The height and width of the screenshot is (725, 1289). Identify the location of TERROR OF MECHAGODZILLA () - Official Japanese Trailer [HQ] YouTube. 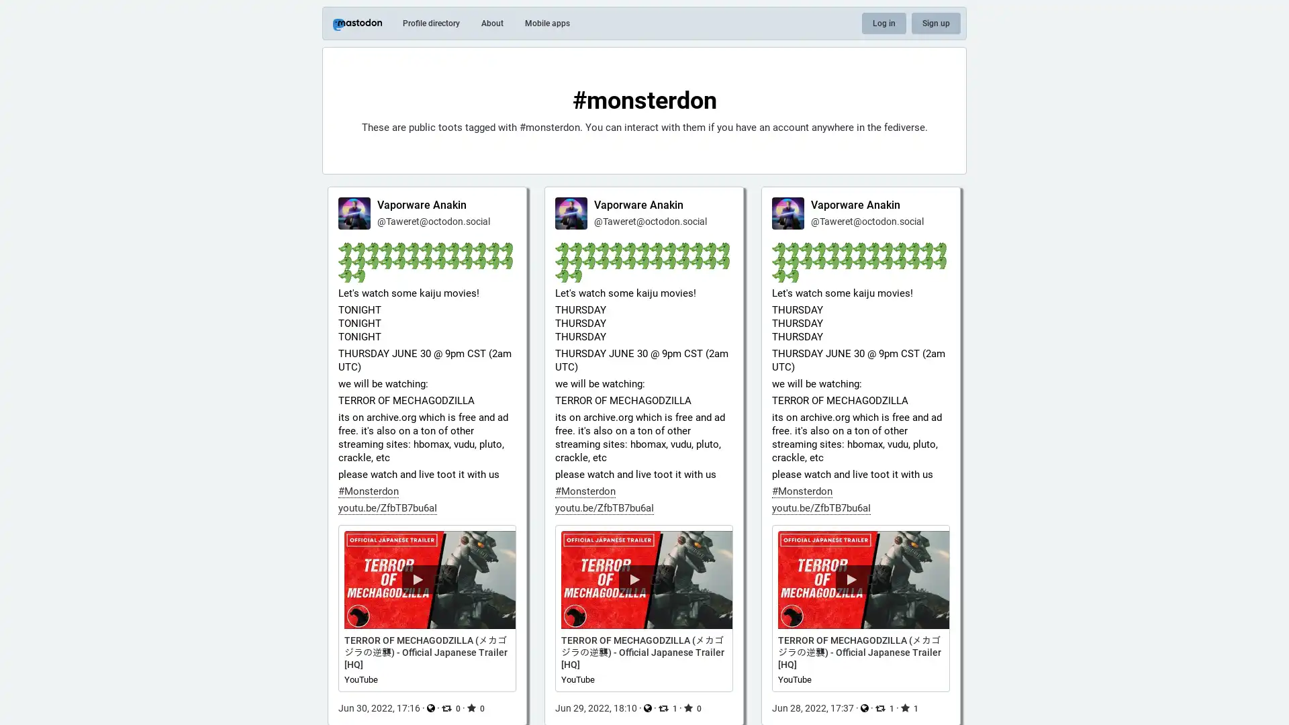
(861, 609).